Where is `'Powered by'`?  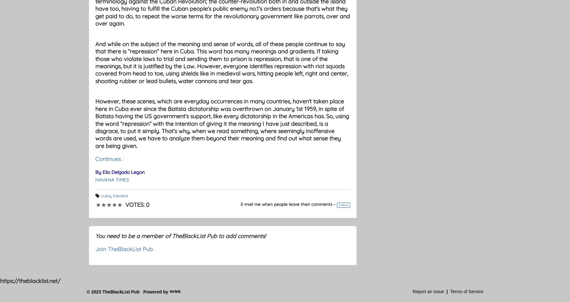
'Powered by' is located at coordinates (142, 291).